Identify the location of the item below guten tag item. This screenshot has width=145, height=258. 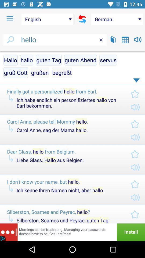
(61, 72).